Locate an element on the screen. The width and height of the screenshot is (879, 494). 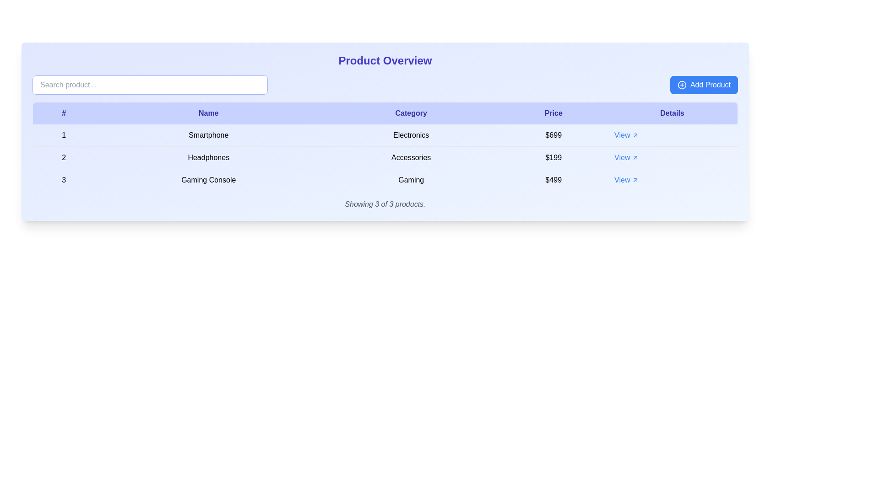
the button with a blue background and white text labeled 'Add Product' is located at coordinates (703, 85).